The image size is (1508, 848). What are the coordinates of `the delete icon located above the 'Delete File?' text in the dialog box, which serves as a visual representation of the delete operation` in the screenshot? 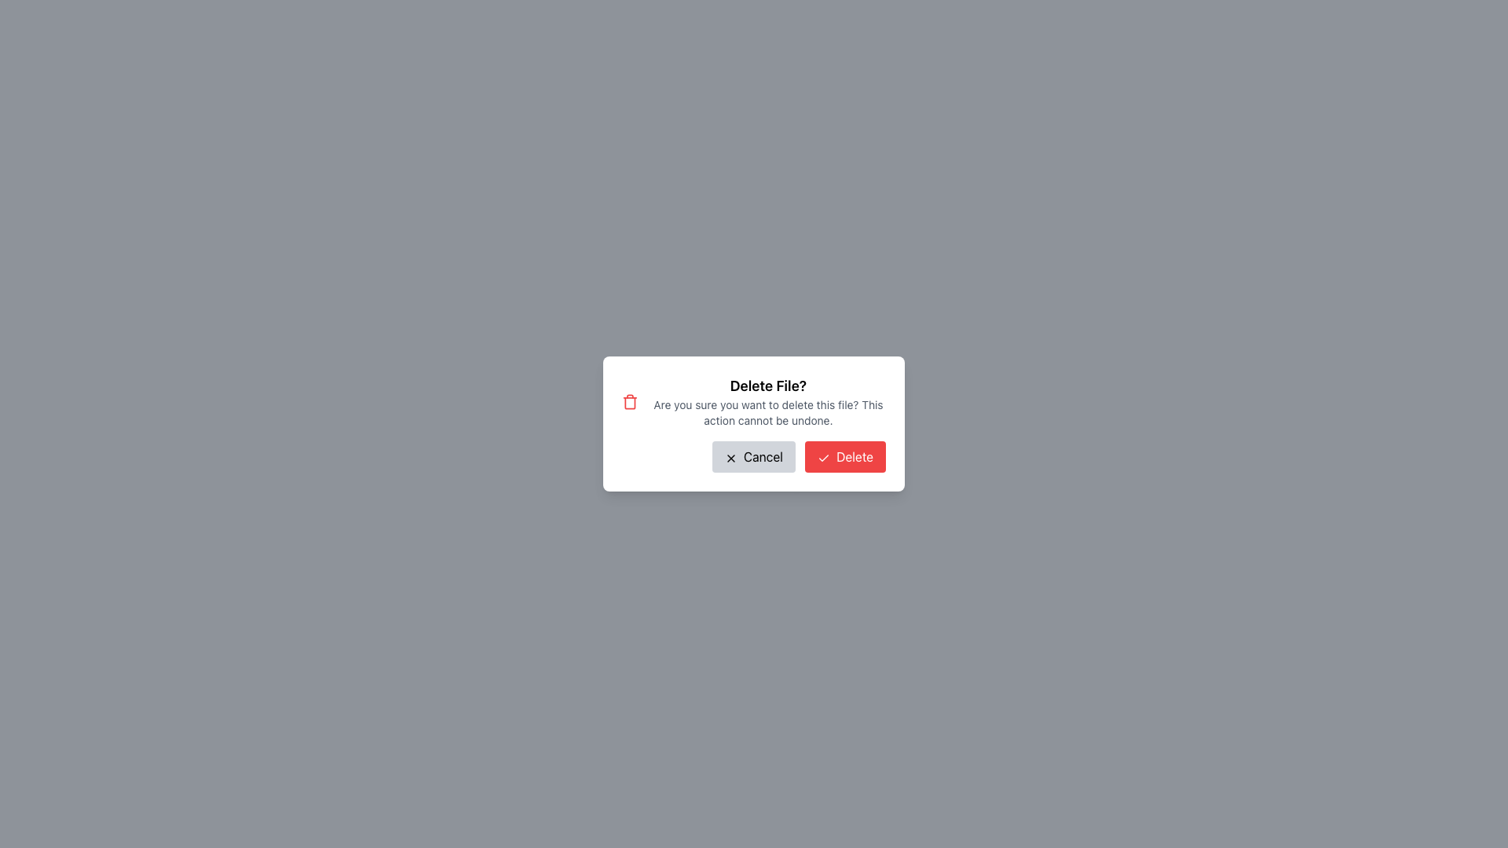 It's located at (630, 401).